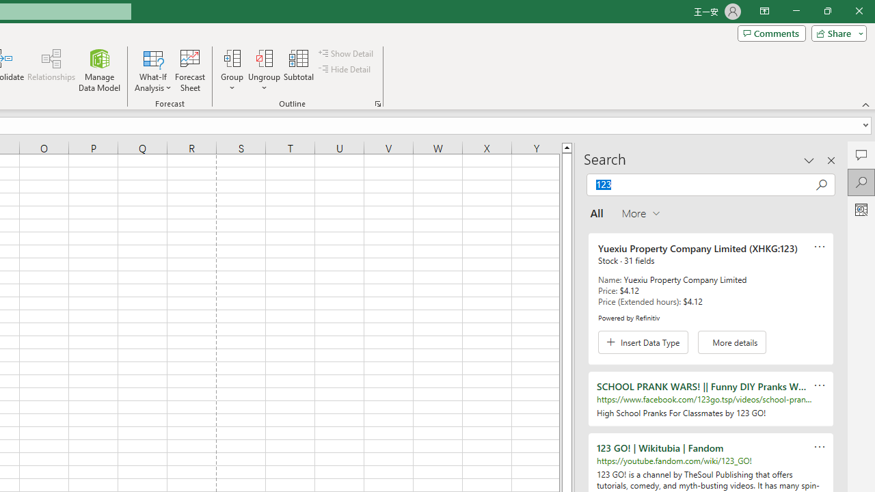 This screenshot has width=875, height=492. What do you see at coordinates (98, 70) in the screenshot?
I see `'Manage Data Model'` at bounding box center [98, 70].